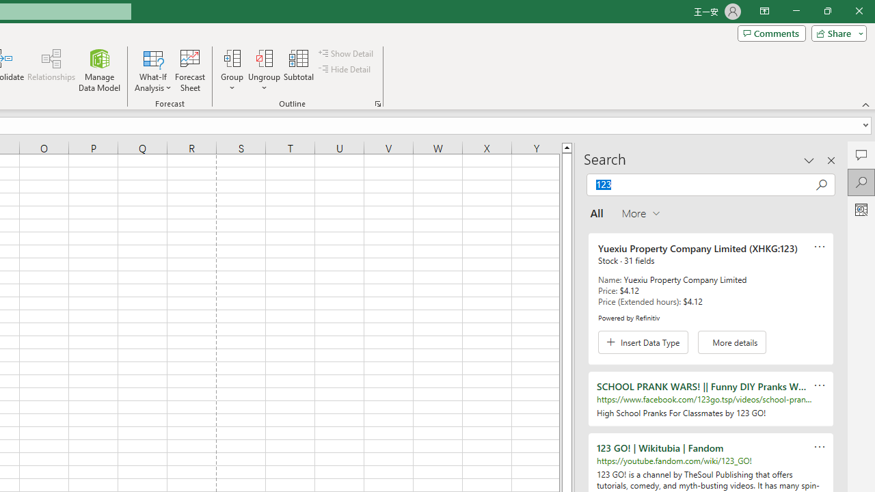 This screenshot has width=875, height=492. What do you see at coordinates (98, 70) in the screenshot?
I see `'Manage Data Model'` at bounding box center [98, 70].